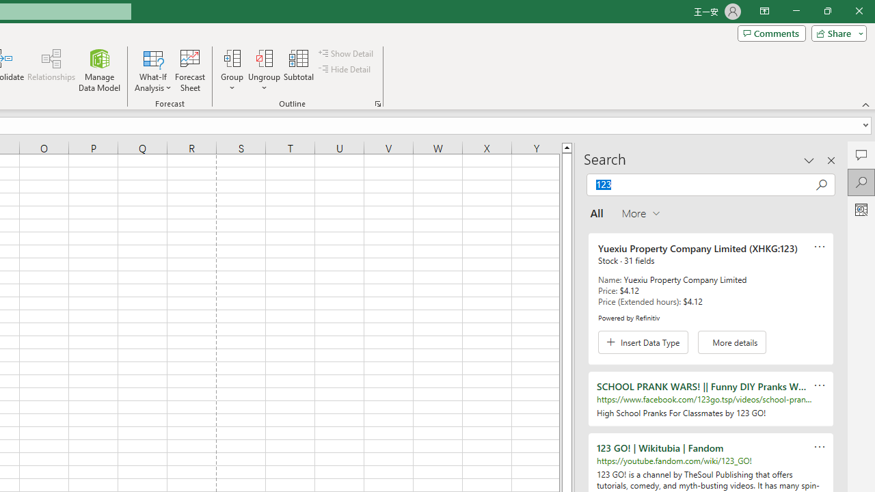 This screenshot has width=875, height=492. What do you see at coordinates (98, 70) in the screenshot?
I see `'Manage Data Model'` at bounding box center [98, 70].